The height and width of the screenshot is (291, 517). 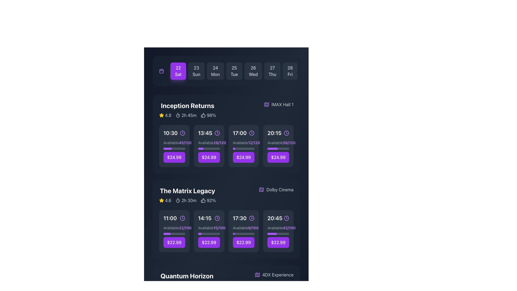 I want to click on the progress bar located under the '17:30' column in the second row of time slots under 'The Matrix Legacy' section, which is positioned below the 'Available 8/100' text and above the '$22.99' button, so click(x=243, y=233).